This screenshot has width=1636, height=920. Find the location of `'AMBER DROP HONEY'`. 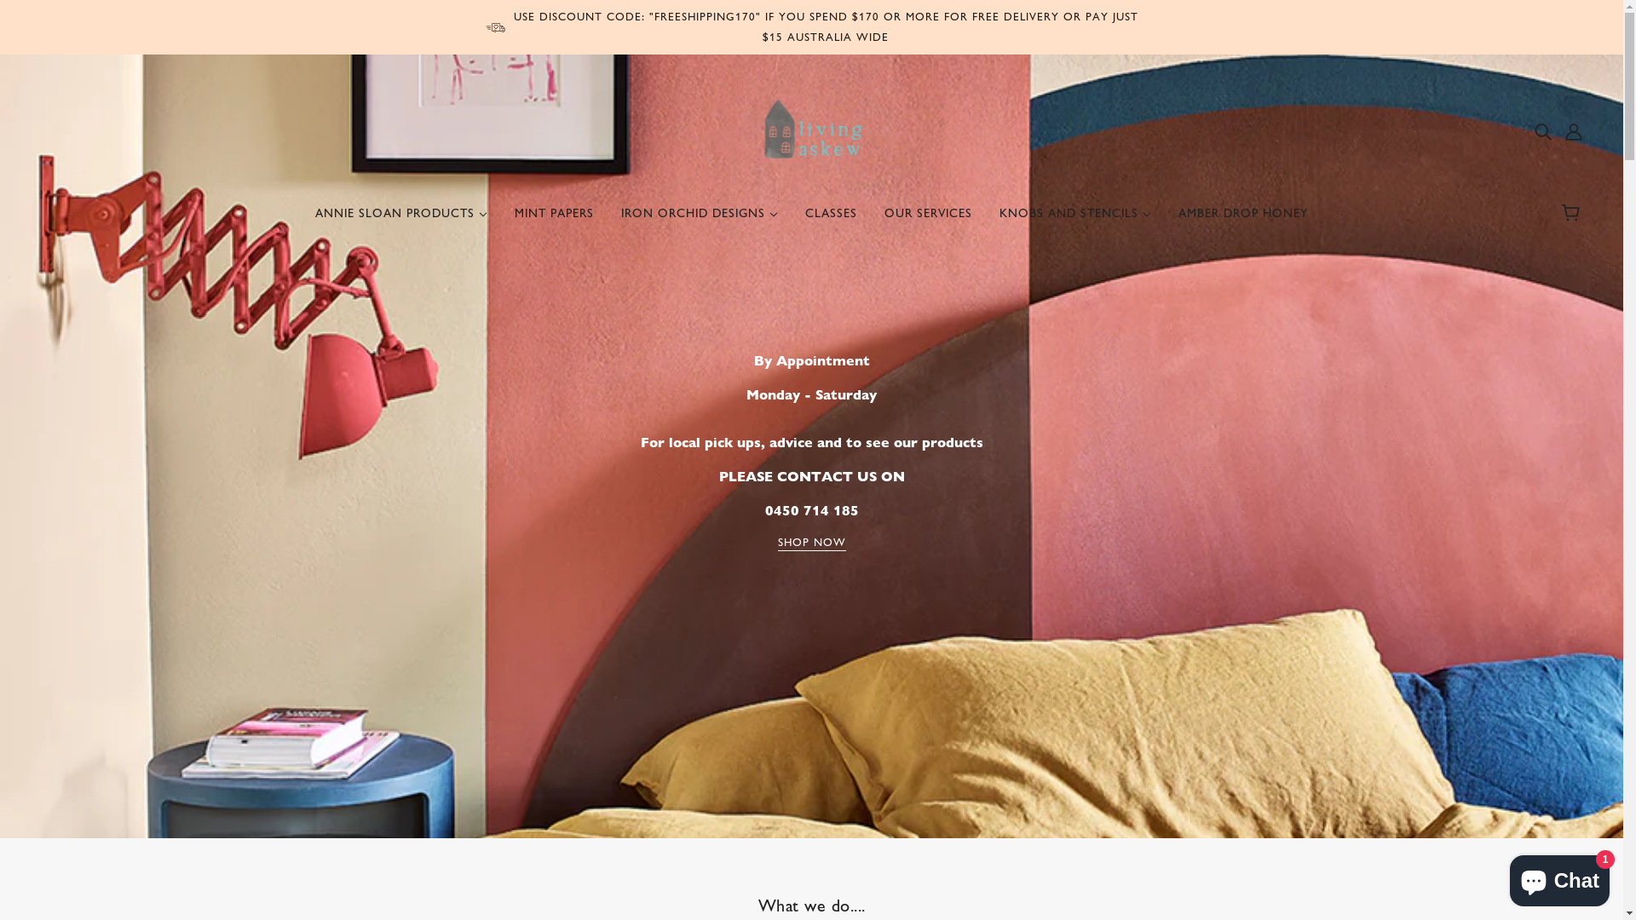

'AMBER DROP HONEY' is located at coordinates (1243, 219).